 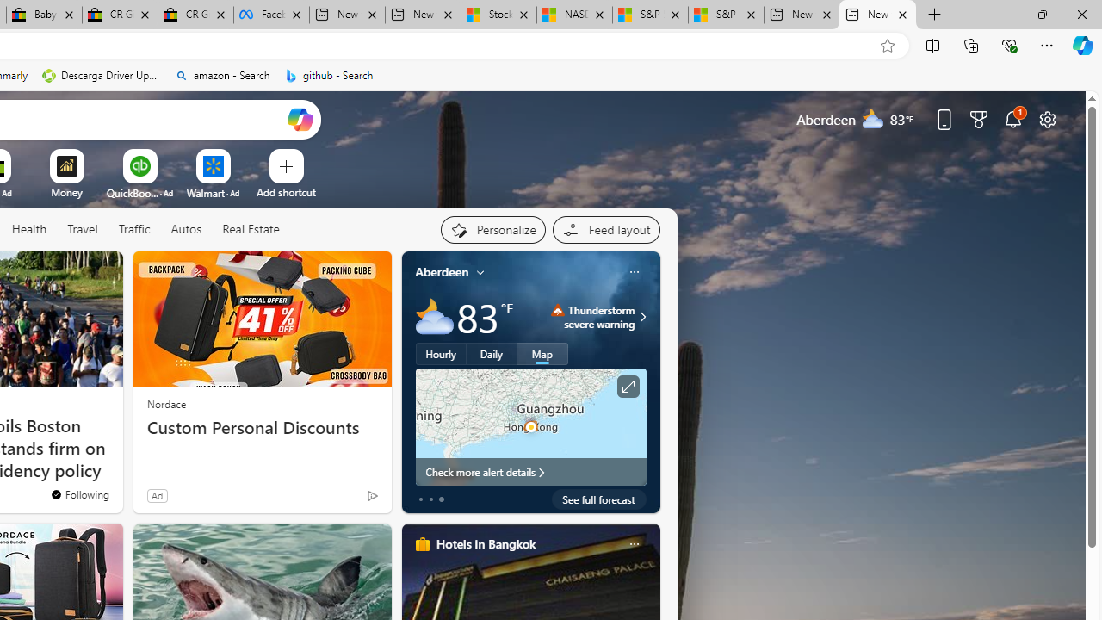 What do you see at coordinates (492, 229) in the screenshot?
I see `'Personalize your feed"'` at bounding box center [492, 229].